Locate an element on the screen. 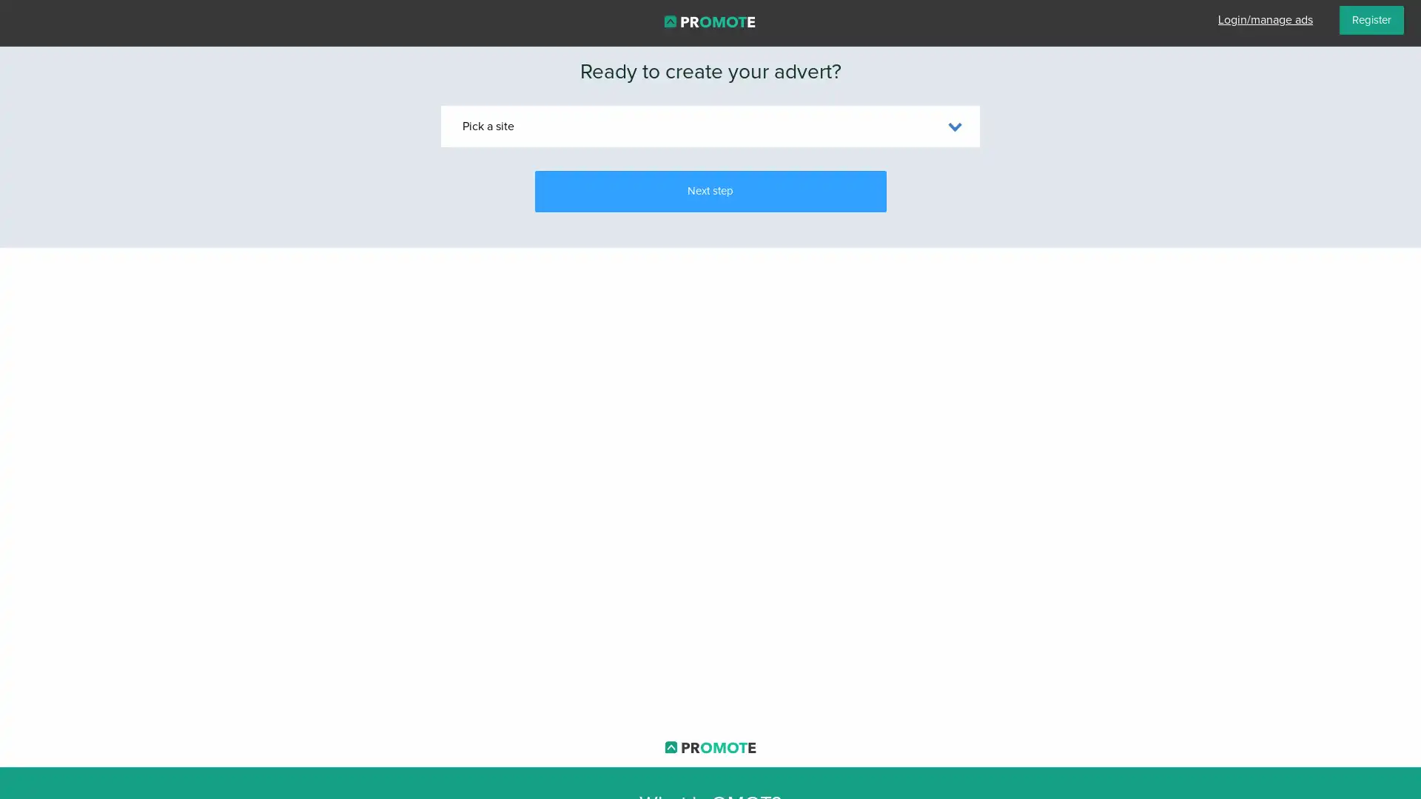 The width and height of the screenshot is (1421, 799). Next step is located at coordinates (709, 190).